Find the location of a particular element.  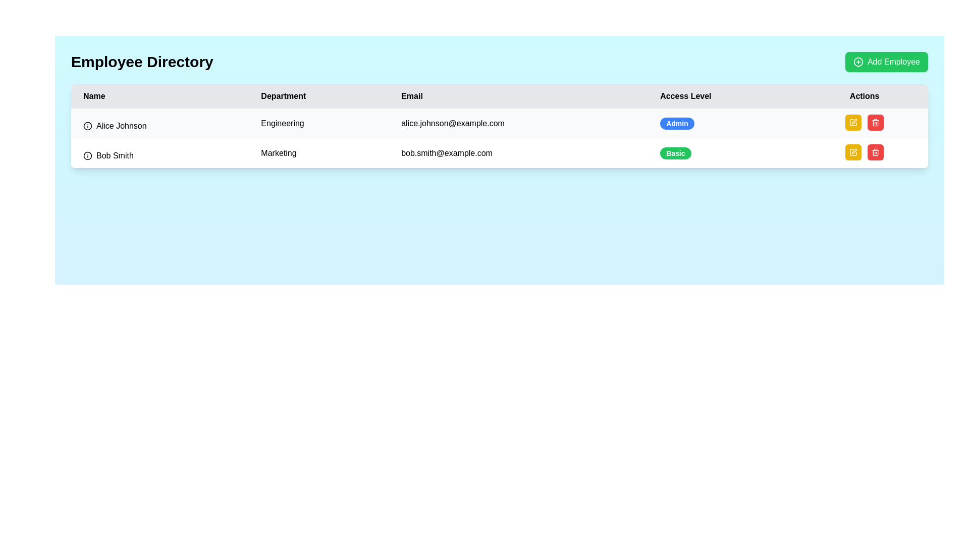

the edit icon for employee 'Bob Smith' in the Actions column of the employee management table is located at coordinates (854, 151).